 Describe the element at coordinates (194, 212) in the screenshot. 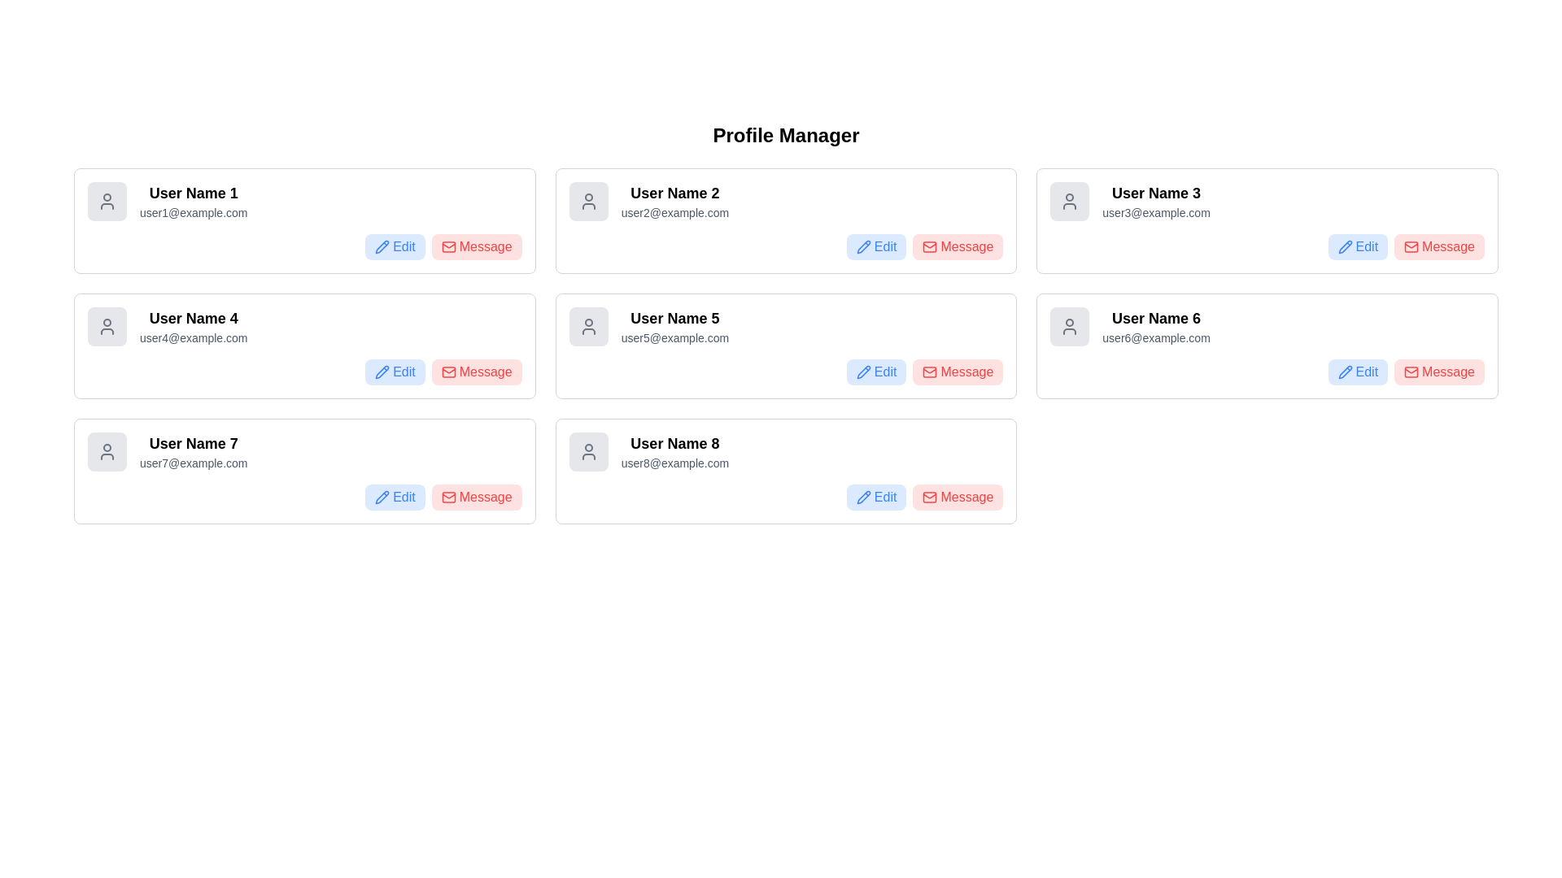

I see `email address 'user1@example.com' displayed in small-sized gray text beneath the user name label 'User Name 1' in the first user profile card` at that location.